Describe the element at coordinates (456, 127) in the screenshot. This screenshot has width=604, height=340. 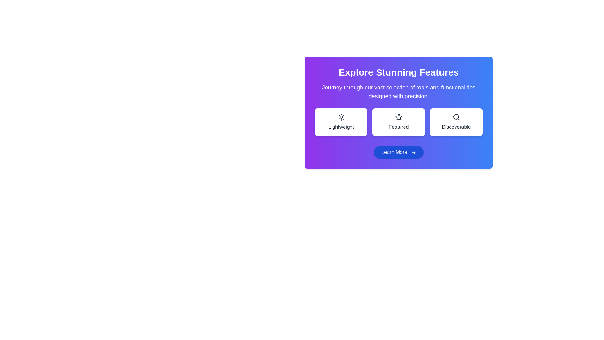
I see `the descriptive text label at the bottom center of the third card from the left, which conveys the meaning of 'Discoverable'` at that location.